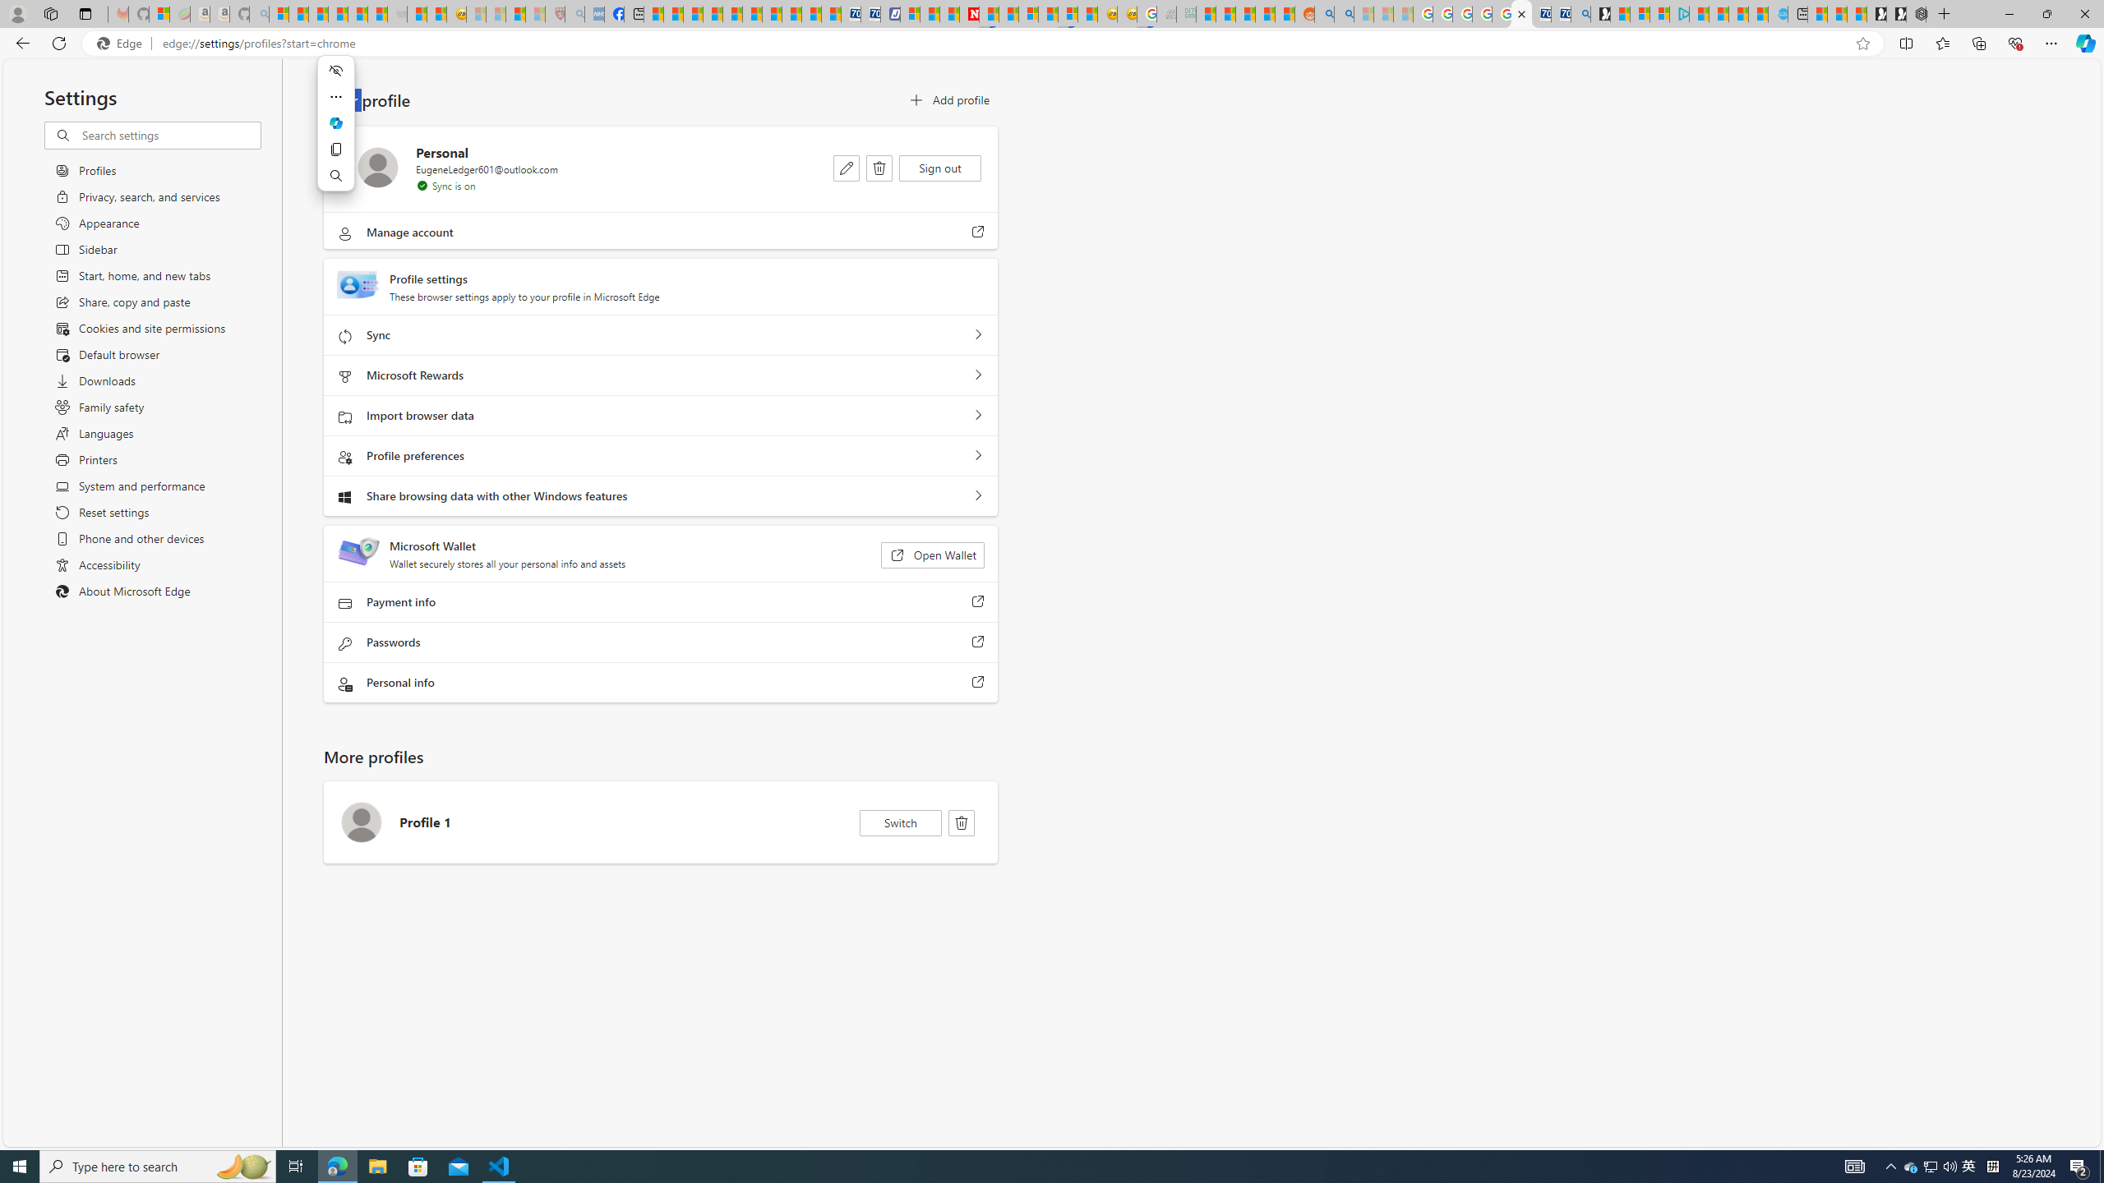 Image resolution: width=2104 pixels, height=1183 pixels. Describe the element at coordinates (1601, 13) in the screenshot. I see `'Microsoft Start Gaming'` at that location.